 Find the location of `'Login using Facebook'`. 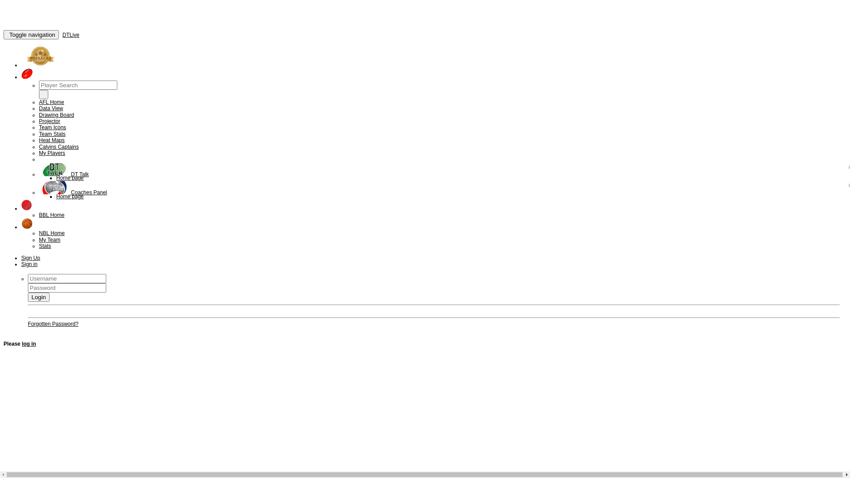

'Login using Facebook' is located at coordinates (53, 310).